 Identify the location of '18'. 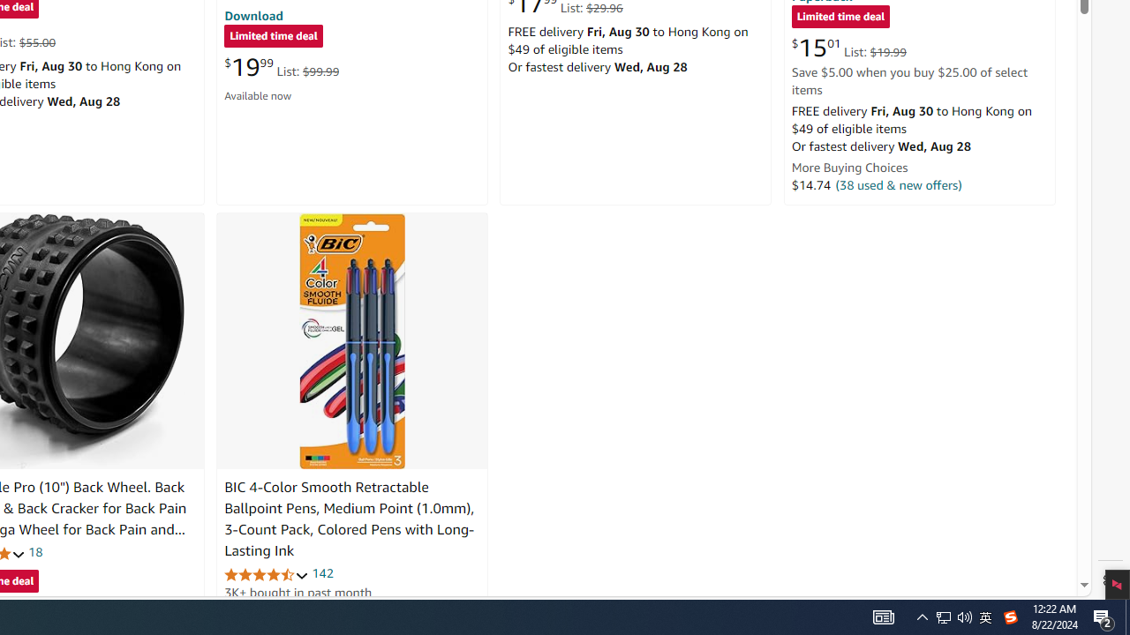
(35, 551).